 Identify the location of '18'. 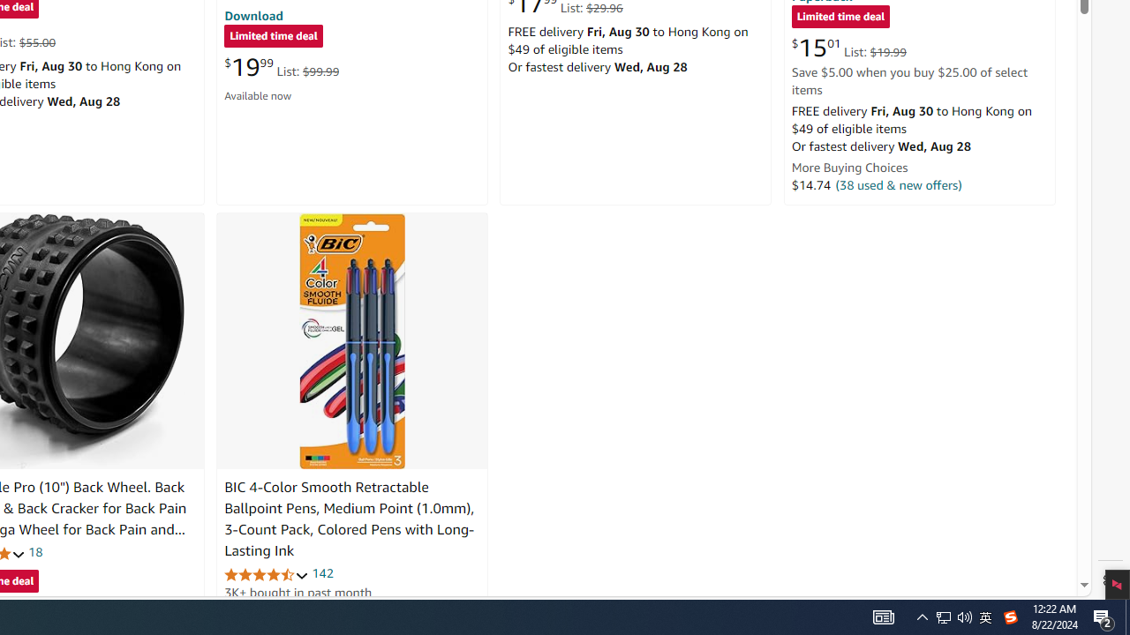
(35, 551).